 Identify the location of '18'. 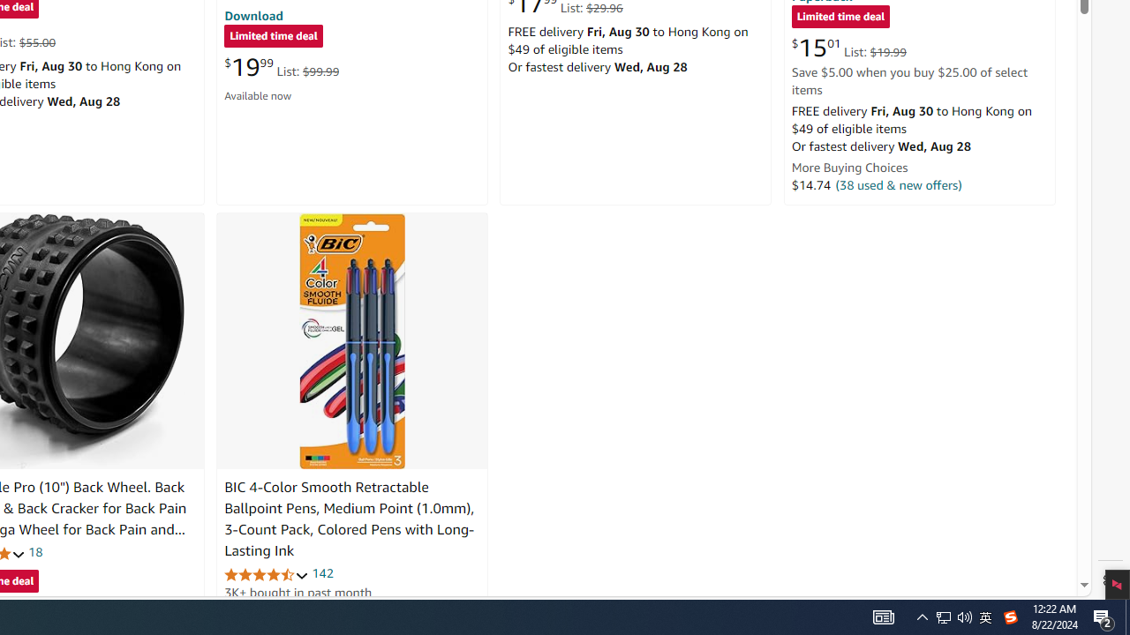
(35, 551).